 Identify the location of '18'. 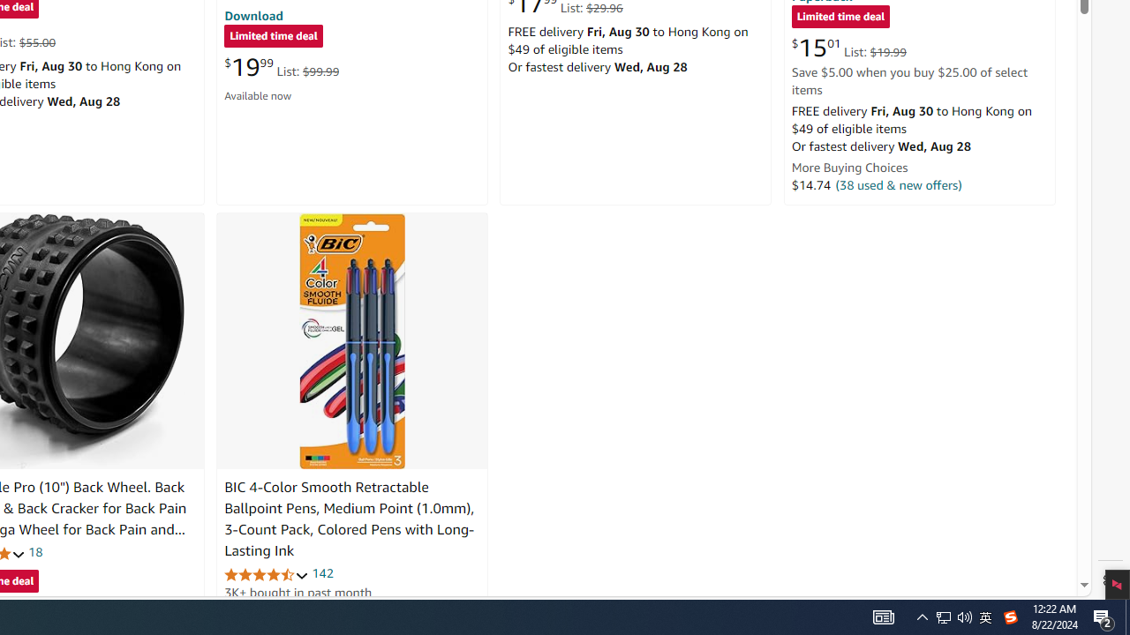
(35, 551).